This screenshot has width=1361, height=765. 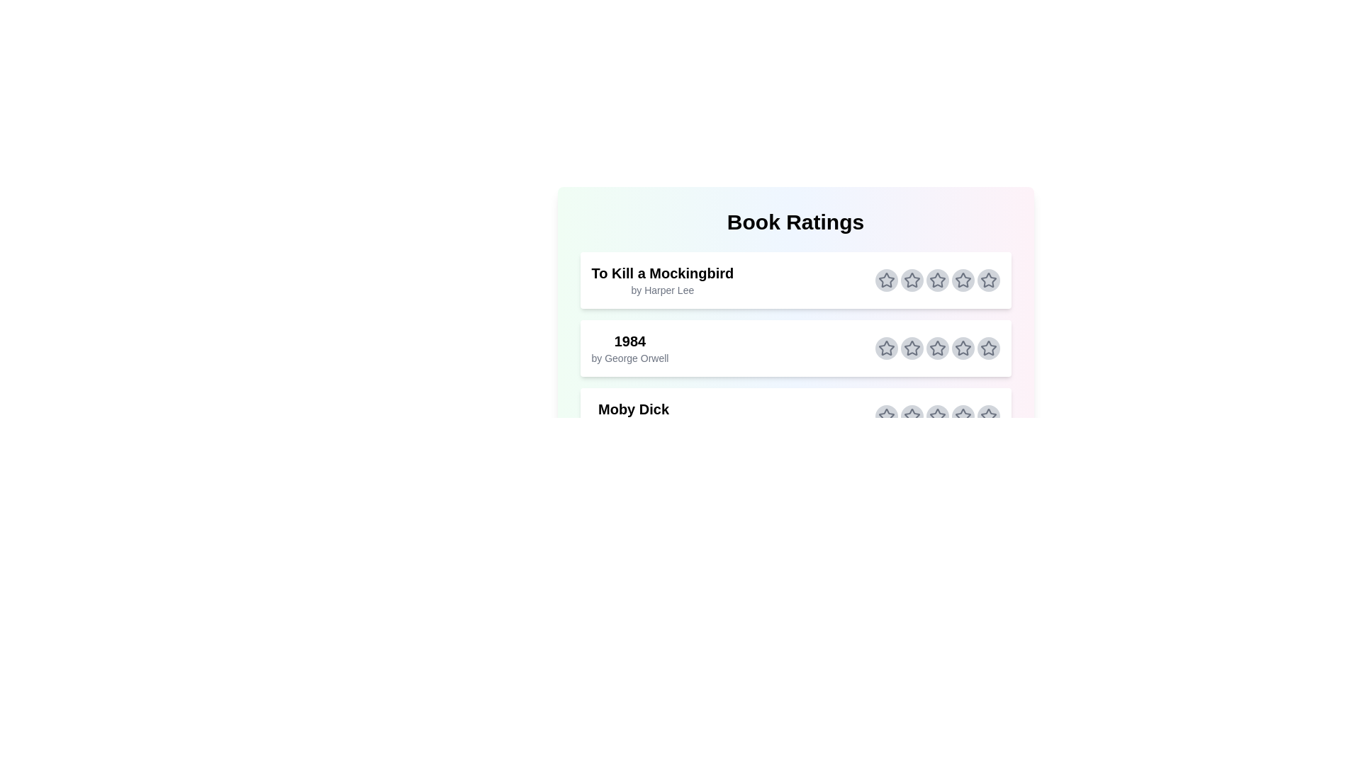 What do you see at coordinates (963, 415) in the screenshot?
I see `the star corresponding to 4 stars for the book titled Moby Dick` at bounding box center [963, 415].